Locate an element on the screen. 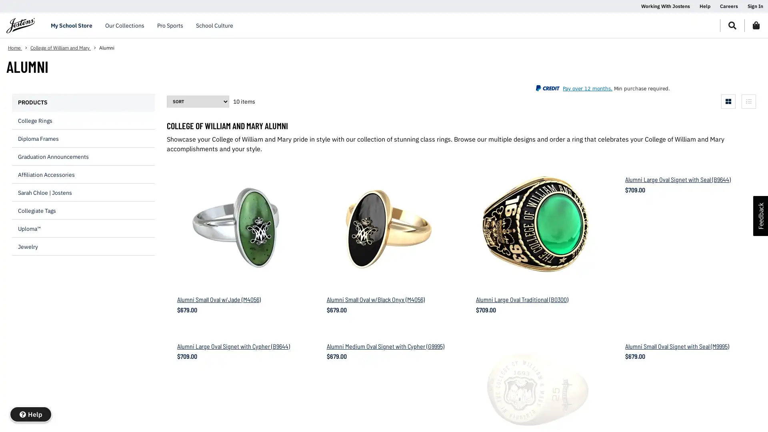  School Culture is located at coordinates (214, 25).